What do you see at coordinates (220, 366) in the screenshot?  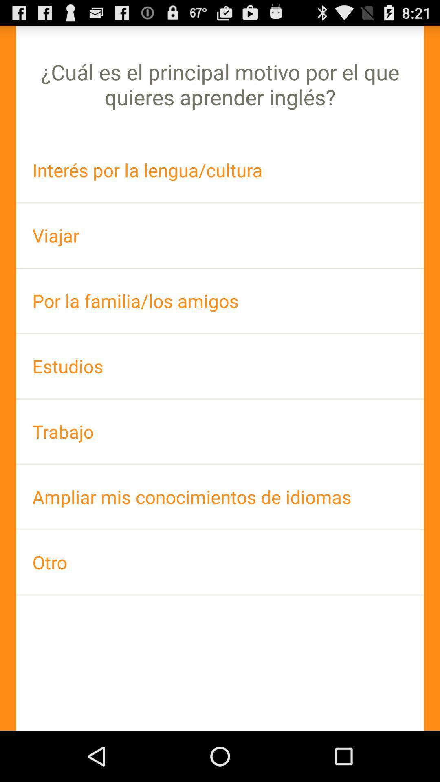 I see `estudios item` at bounding box center [220, 366].